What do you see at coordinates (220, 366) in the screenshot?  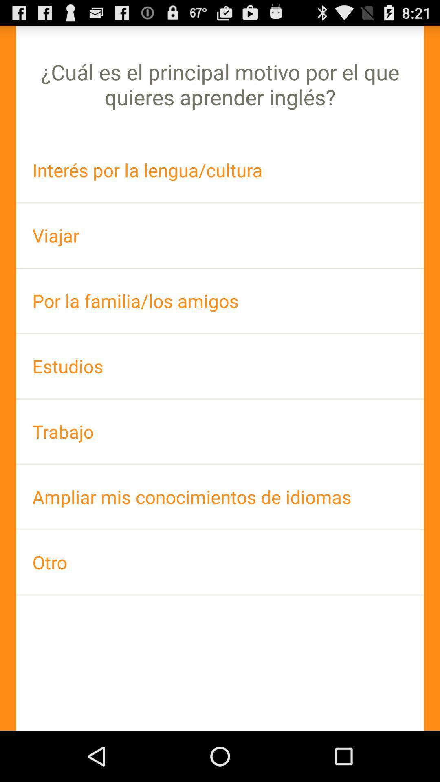 I see `estudios item` at bounding box center [220, 366].